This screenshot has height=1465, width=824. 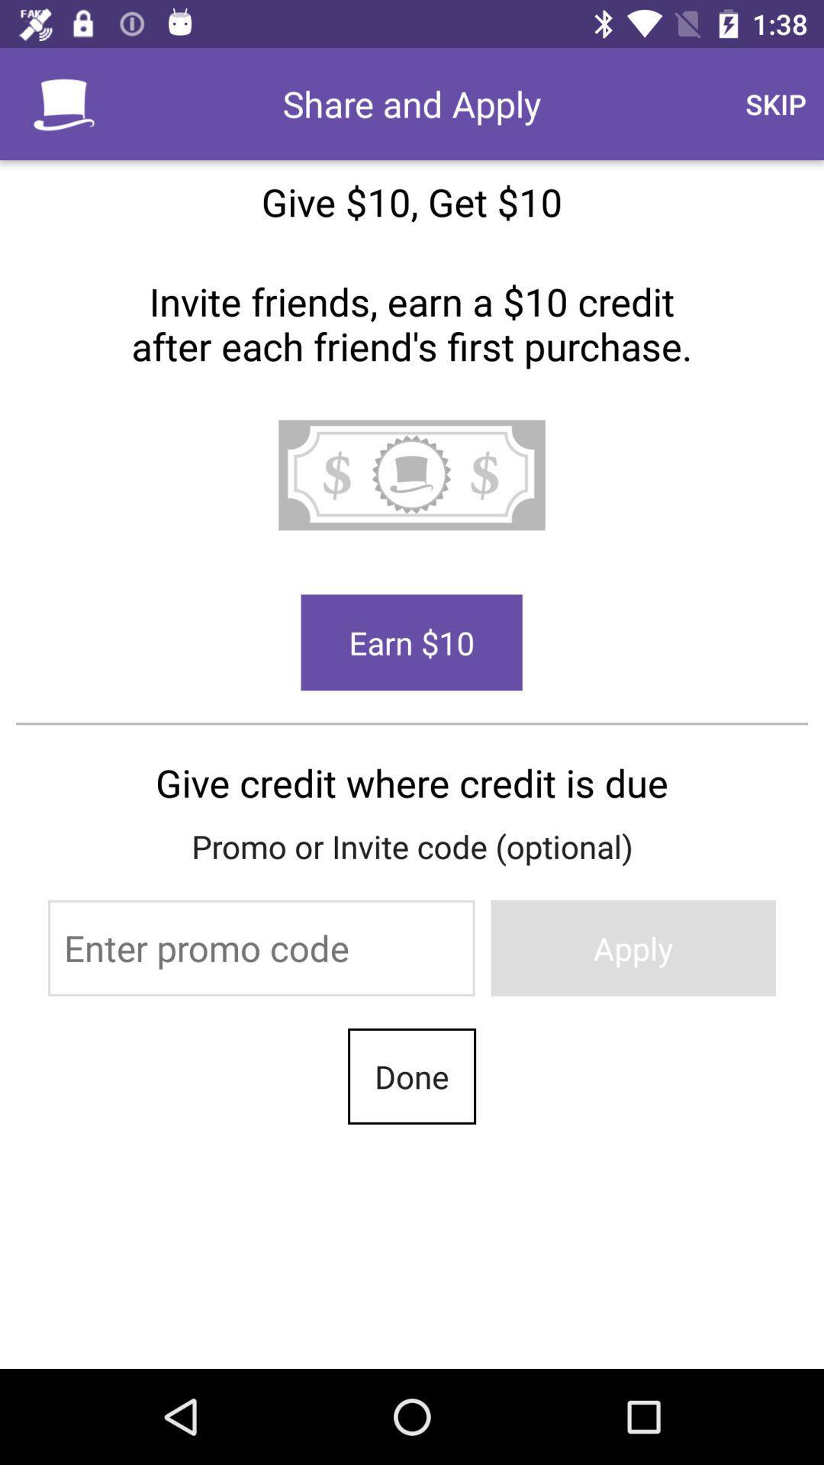 What do you see at coordinates (260, 947) in the screenshot?
I see `icon next to apply item` at bounding box center [260, 947].